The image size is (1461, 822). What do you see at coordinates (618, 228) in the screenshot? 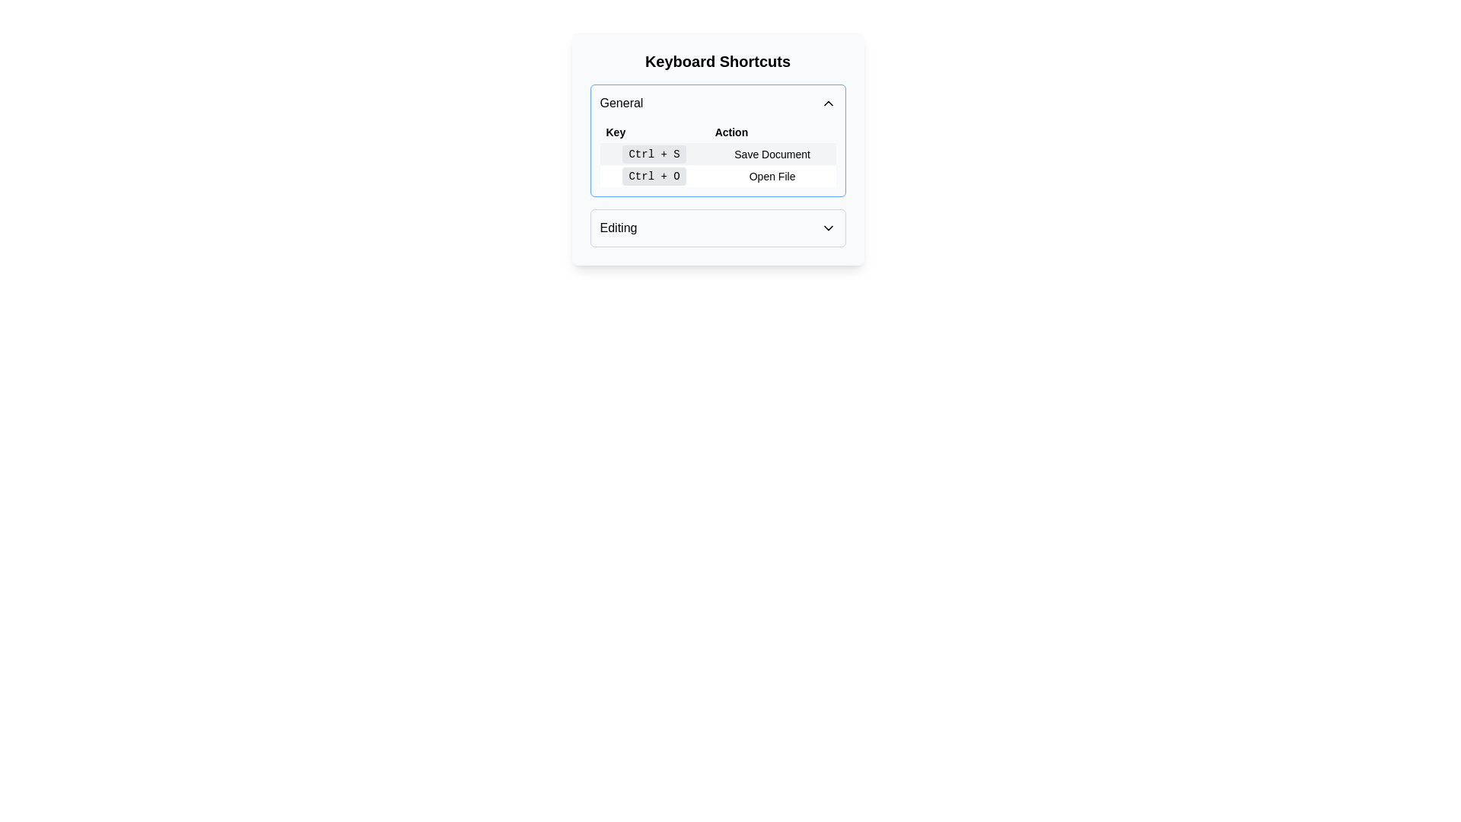
I see `the text label reading 'Editing', which is styled in medium font weight and located below the 'Keyboard Shortcuts' section` at bounding box center [618, 228].